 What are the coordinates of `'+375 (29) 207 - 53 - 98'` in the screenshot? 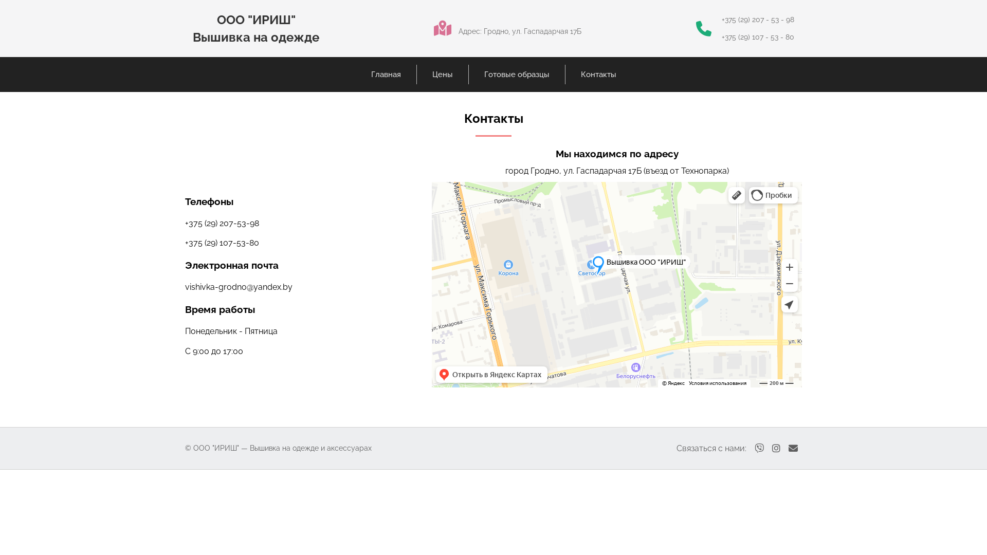 It's located at (721, 20).